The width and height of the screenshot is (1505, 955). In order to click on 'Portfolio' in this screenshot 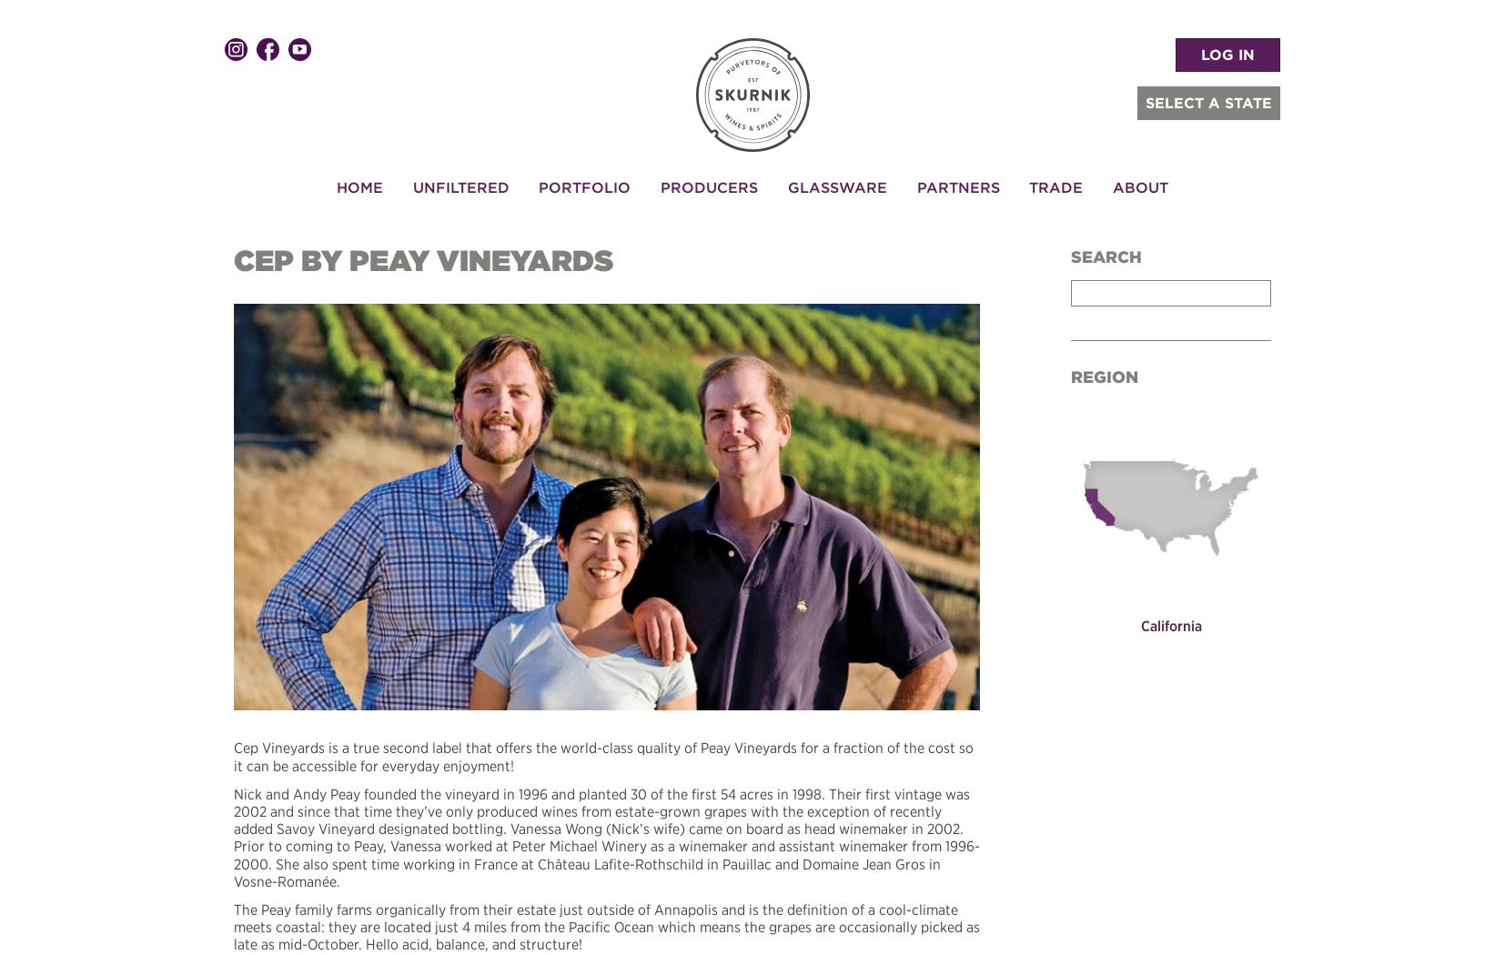, I will do `click(538, 185)`.